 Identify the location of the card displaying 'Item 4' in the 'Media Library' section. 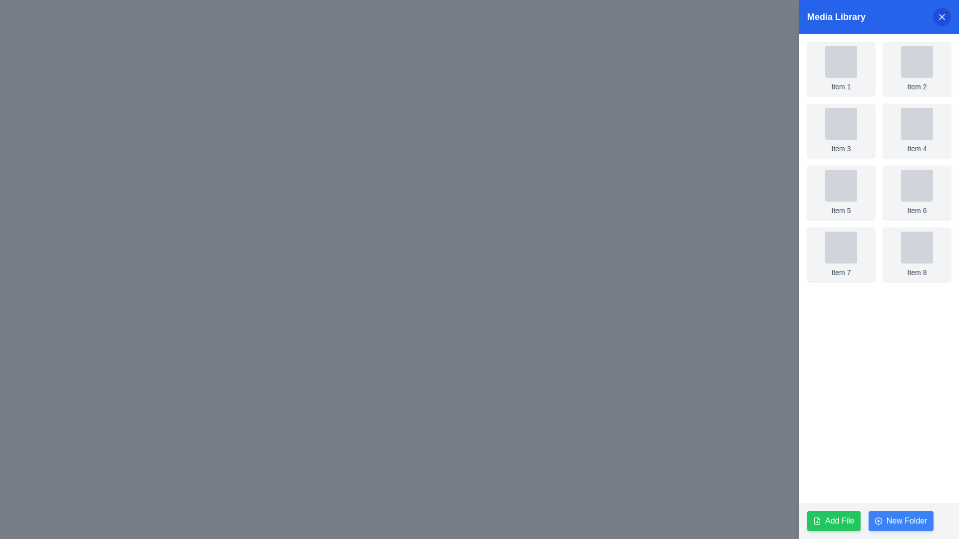
(917, 130).